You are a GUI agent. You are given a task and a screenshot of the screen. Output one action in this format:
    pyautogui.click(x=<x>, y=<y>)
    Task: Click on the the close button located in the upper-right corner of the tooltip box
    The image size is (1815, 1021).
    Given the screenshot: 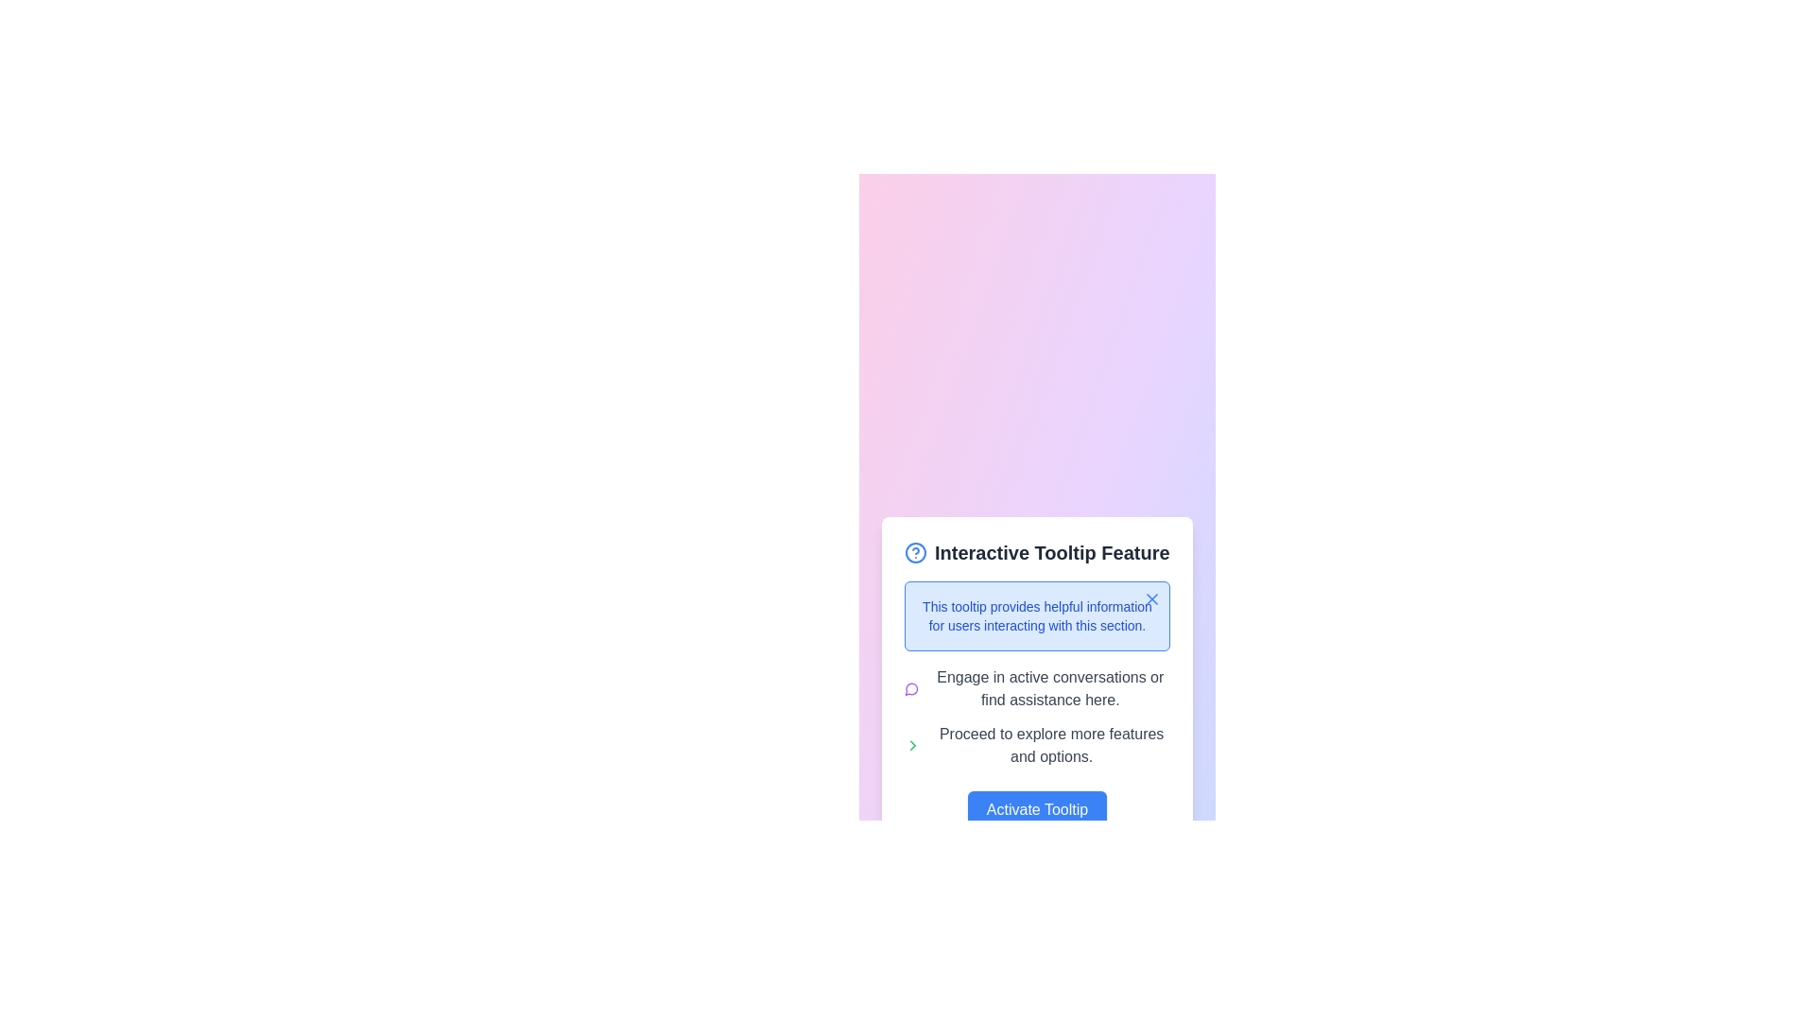 What is the action you would take?
    pyautogui.click(x=1151, y=598)
    